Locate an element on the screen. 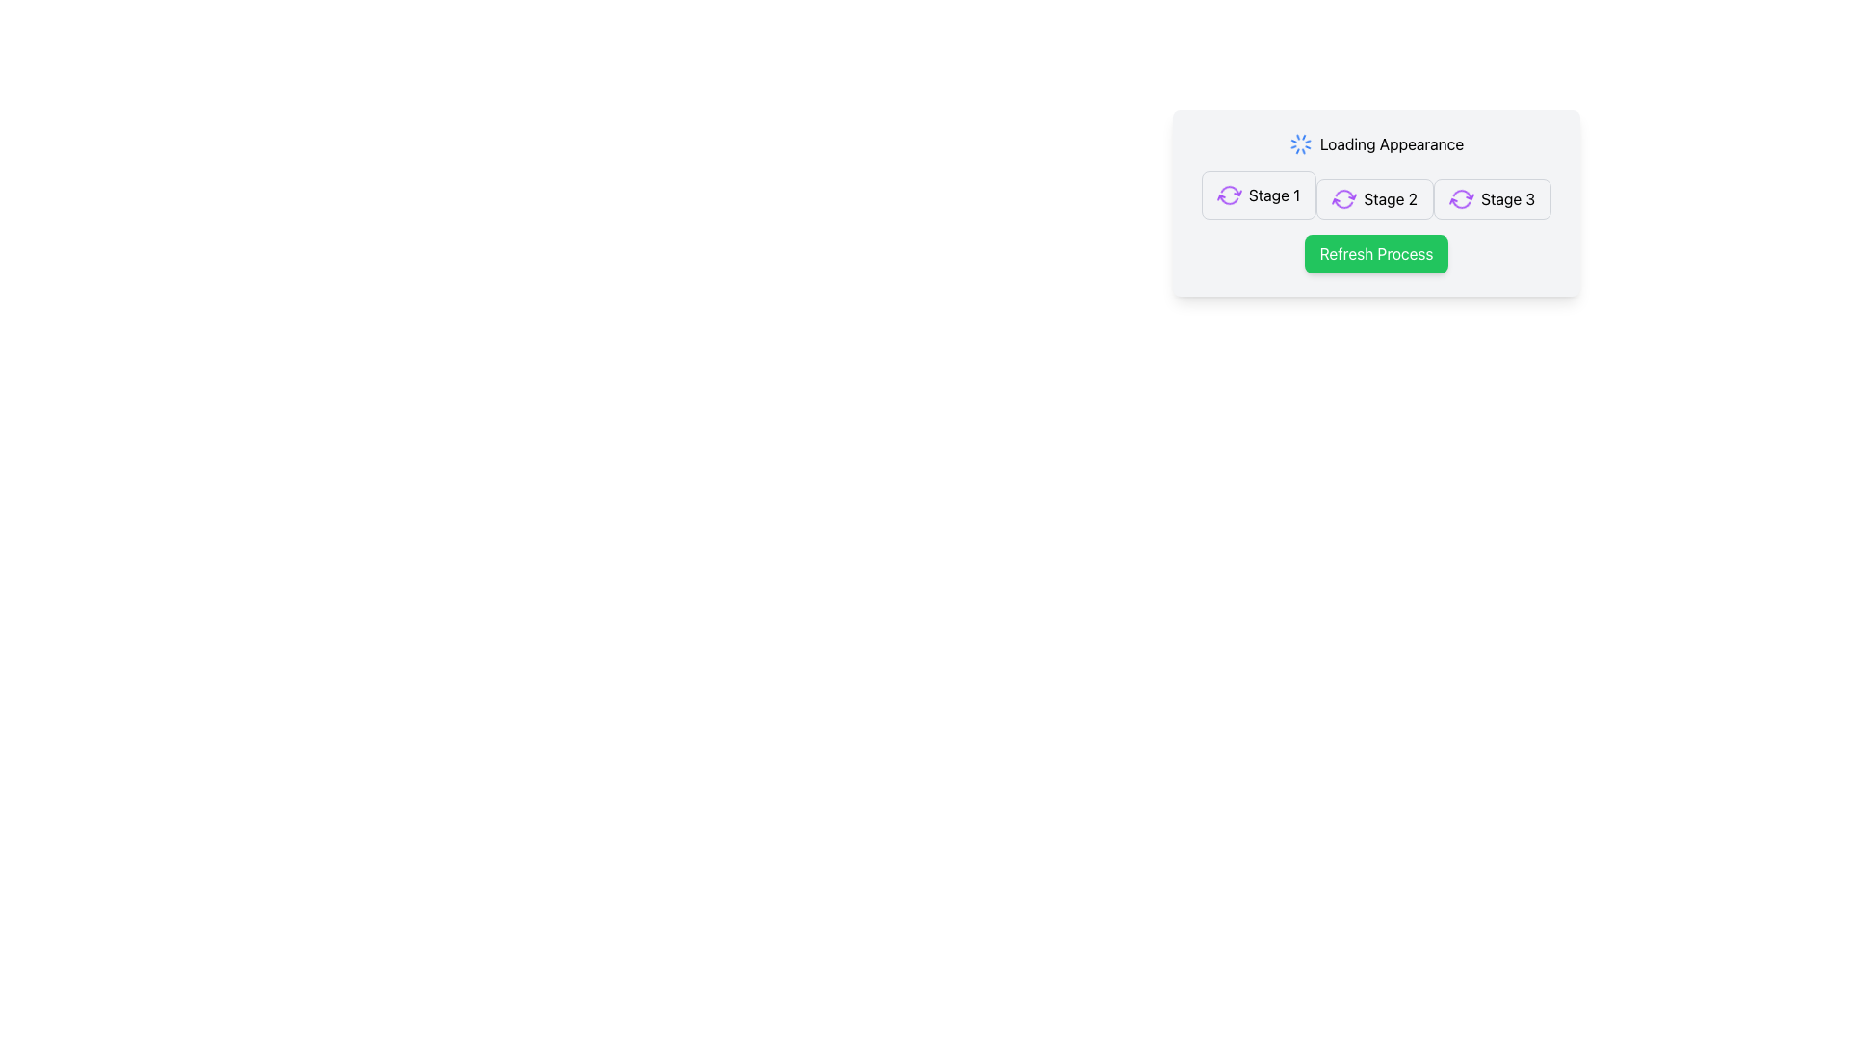  the blue spinning loader icon located to the left of the 'Loading Appearance' text is located at coordinates (1300, 143).